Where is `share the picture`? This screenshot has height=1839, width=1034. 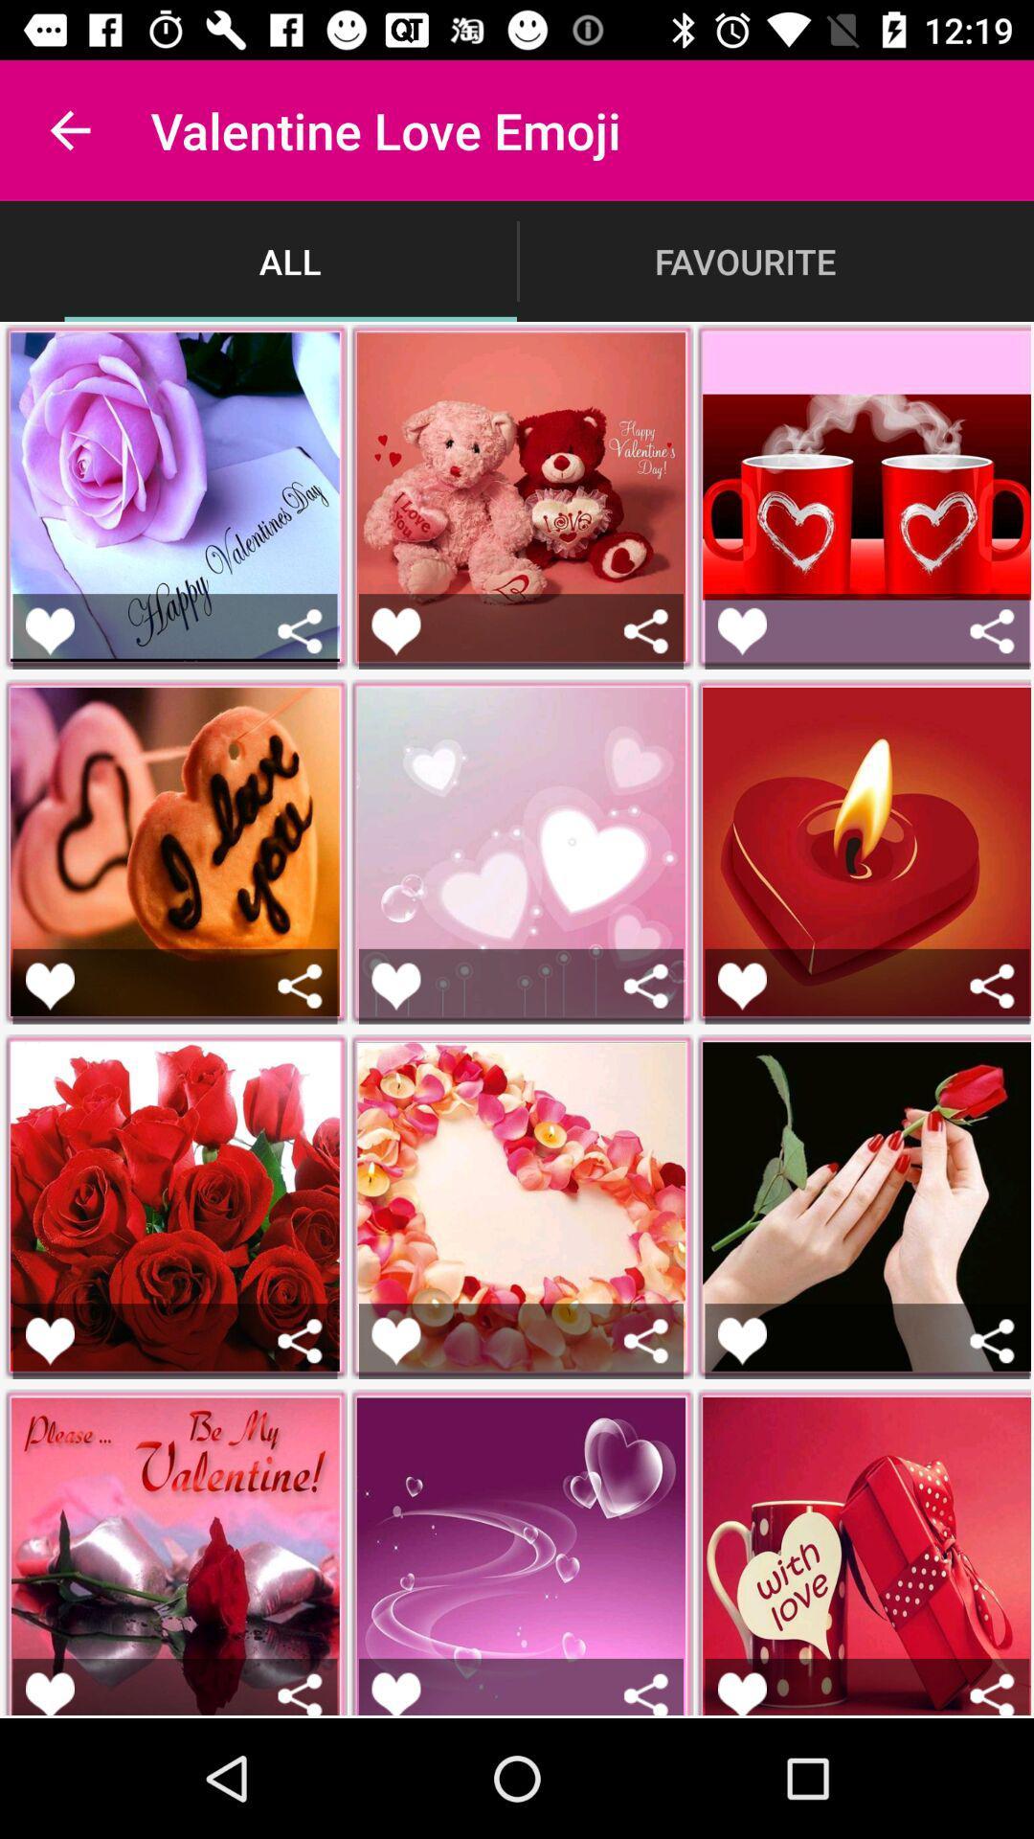
share the picture is located at coordinates (646, 631).